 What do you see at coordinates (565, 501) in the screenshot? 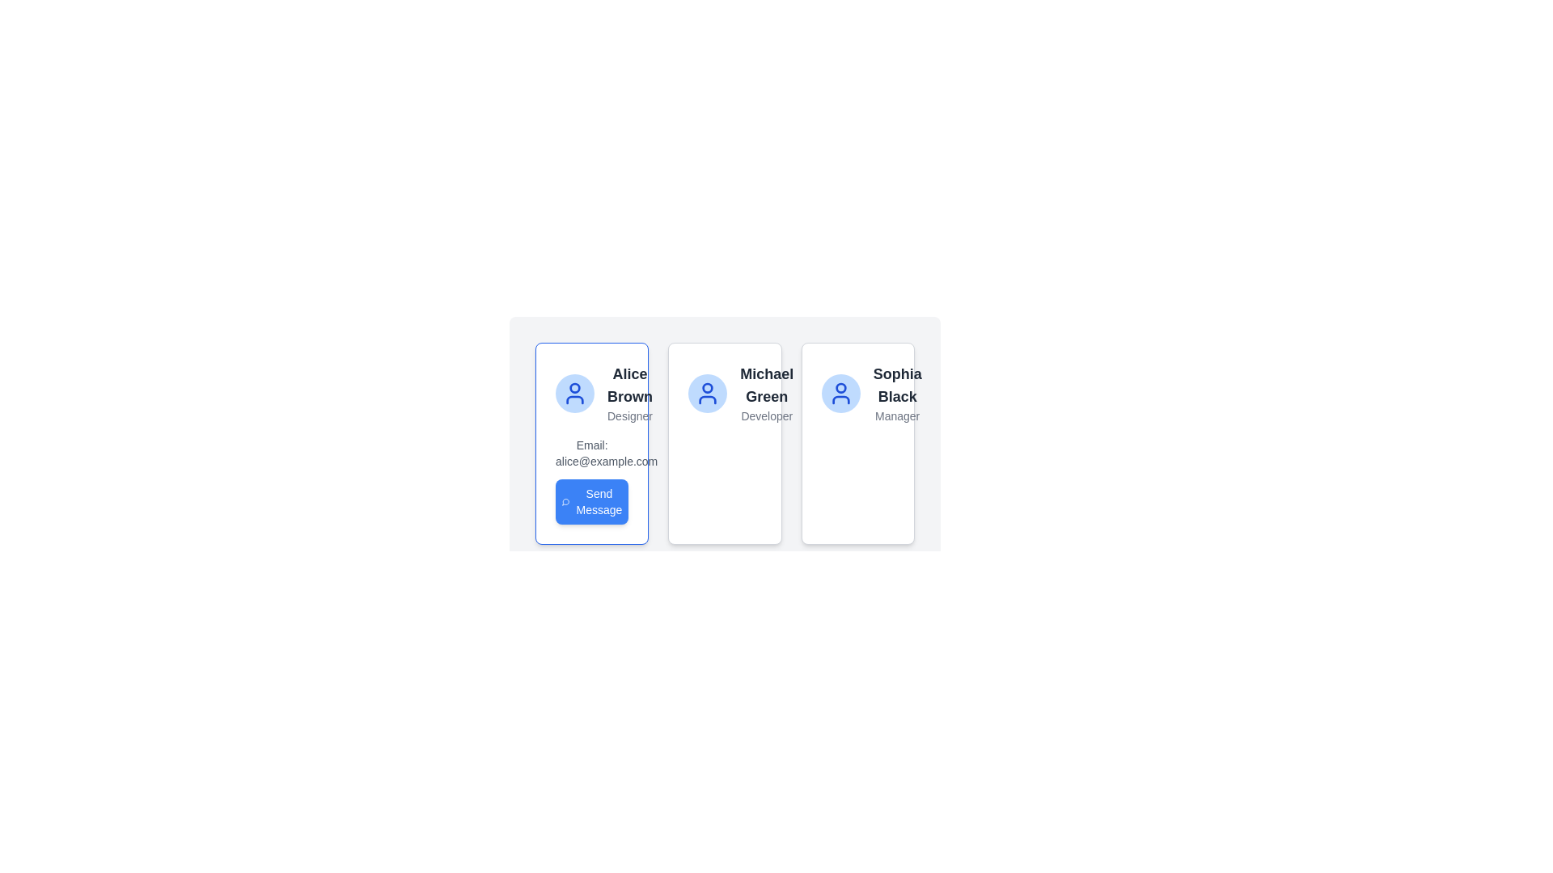
I see `the messaging icon located to the left of the 'Send Message' text within the button` at bounding box center [565, 501].